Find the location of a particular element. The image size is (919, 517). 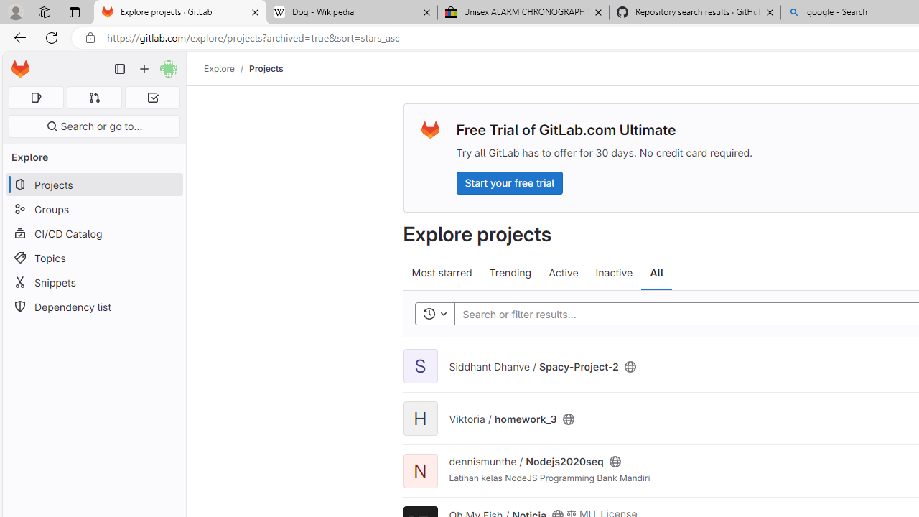

'Snippets' is located at coordinates (93, 282).